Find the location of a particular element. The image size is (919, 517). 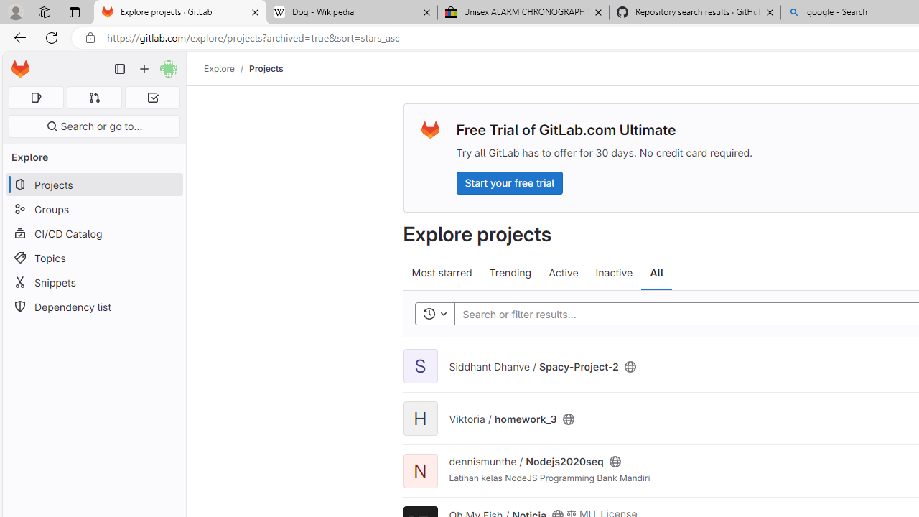

'Snippets' is located at coordinates (93, 282).